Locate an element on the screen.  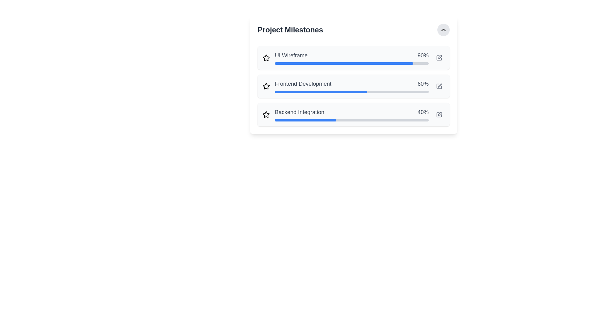
the toggle button located at the top-right corner of the 'Project Milestones' section is located at coordinates (443, 30).